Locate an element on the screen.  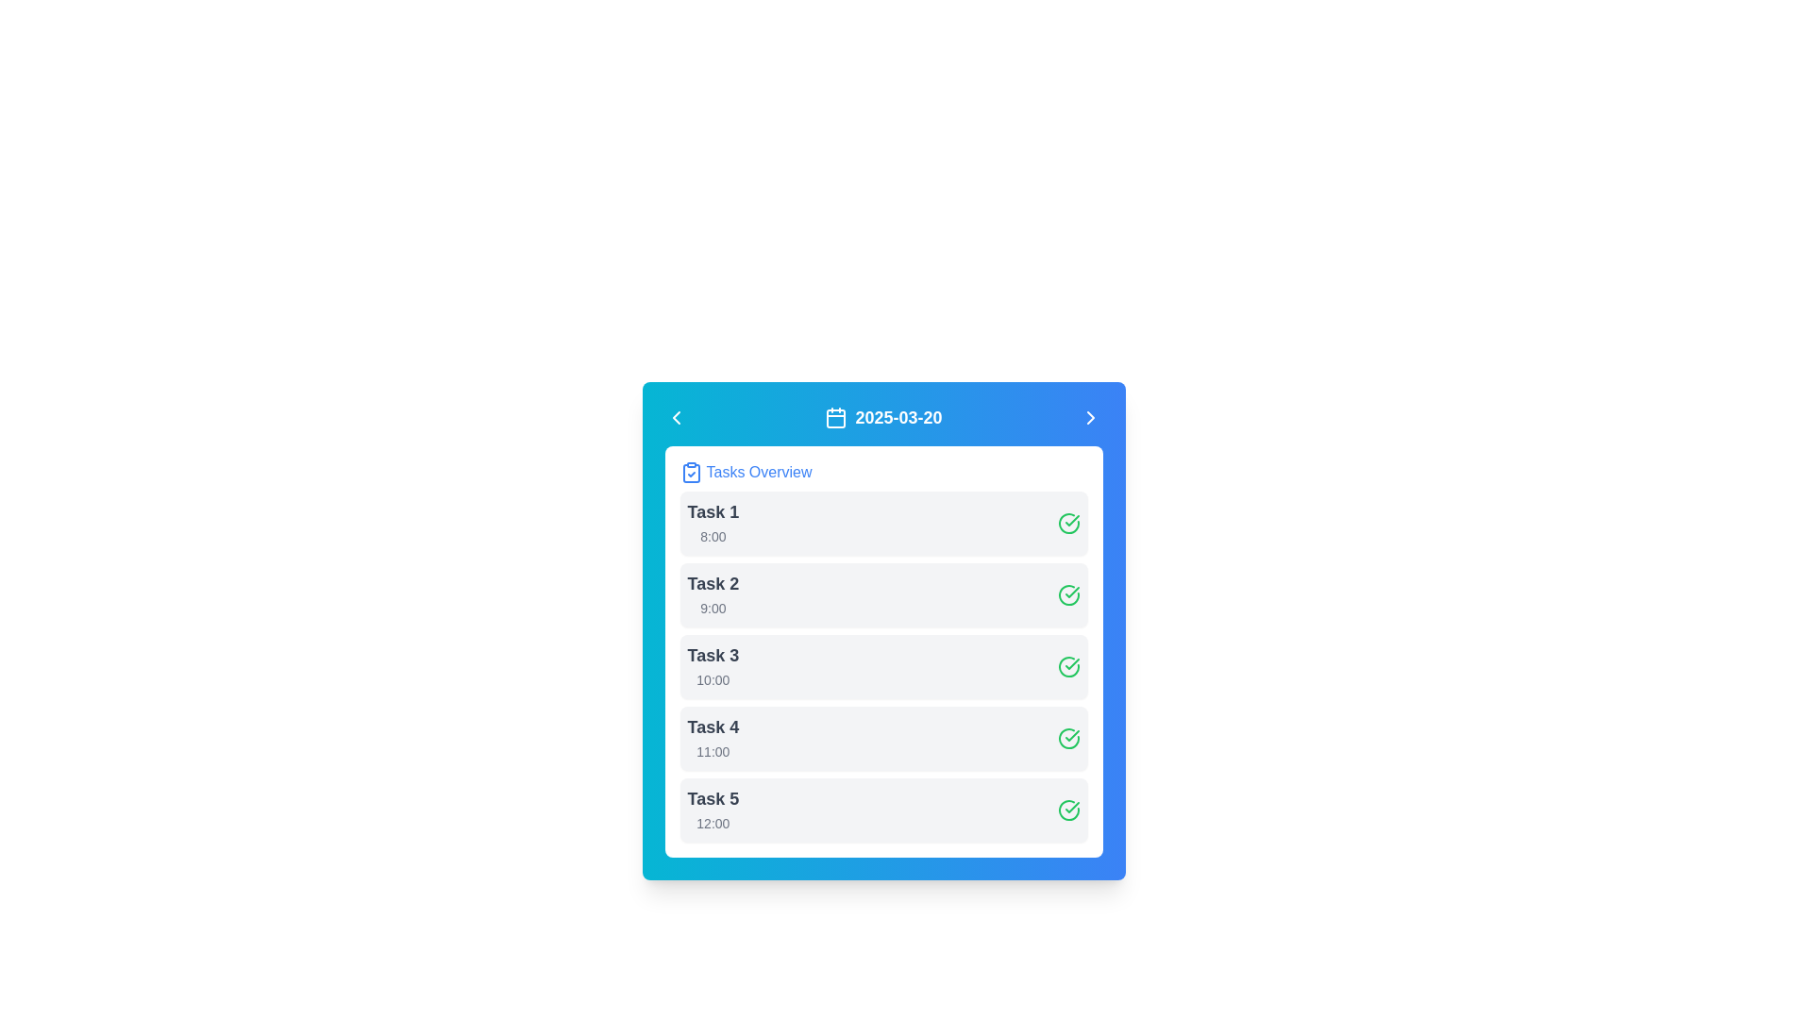
the green circular checkmark icon indicating completion for 'Task 4' located on the far right side of the task list is located at coordinates (1068, 738).